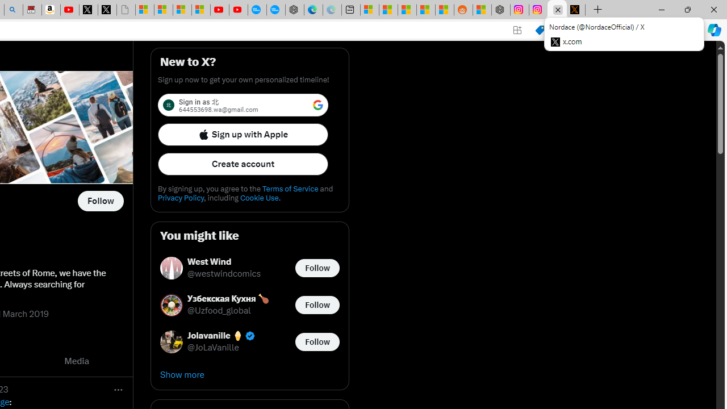 The width and height of the screenshot is (727, 409). Describe the element at coordinates (69, 10) in the screenshot. I see `'Day 1: Arriving in Yemen (surreal to be here) - YouTube'` at that location.